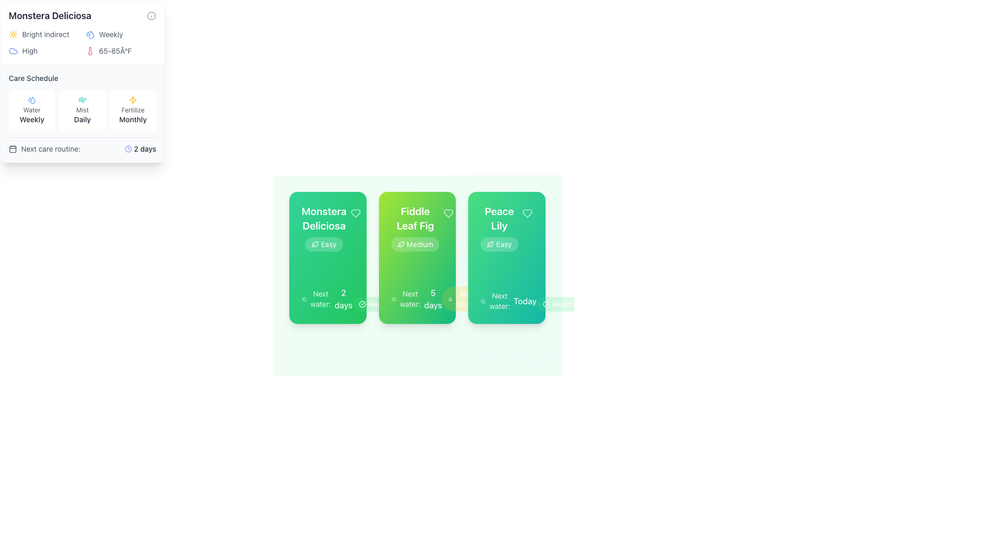 The width and height of the screenshot is (990, 557). What do you see at coordinates (449, 212) in the screenshot?
I see `the favorite button located at the top-right corner of the 'Fiddle Leaf Fig' card using keyboard accessibility` at bounding box center [449, 212].